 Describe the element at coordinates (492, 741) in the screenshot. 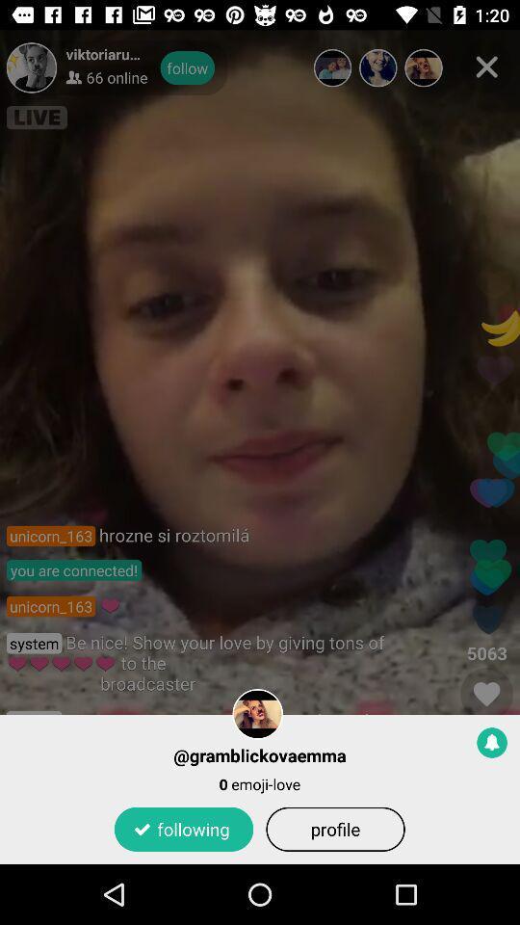

I see `the item next to the @gramblickovaemma item` at that location.